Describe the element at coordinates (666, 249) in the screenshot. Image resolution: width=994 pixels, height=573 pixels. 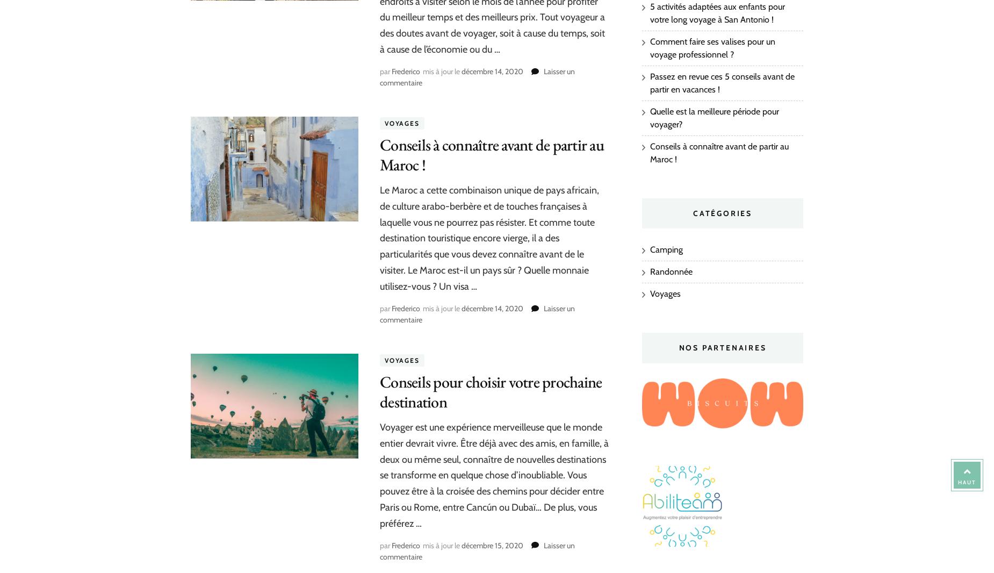
I see `'Camping'` at that location.